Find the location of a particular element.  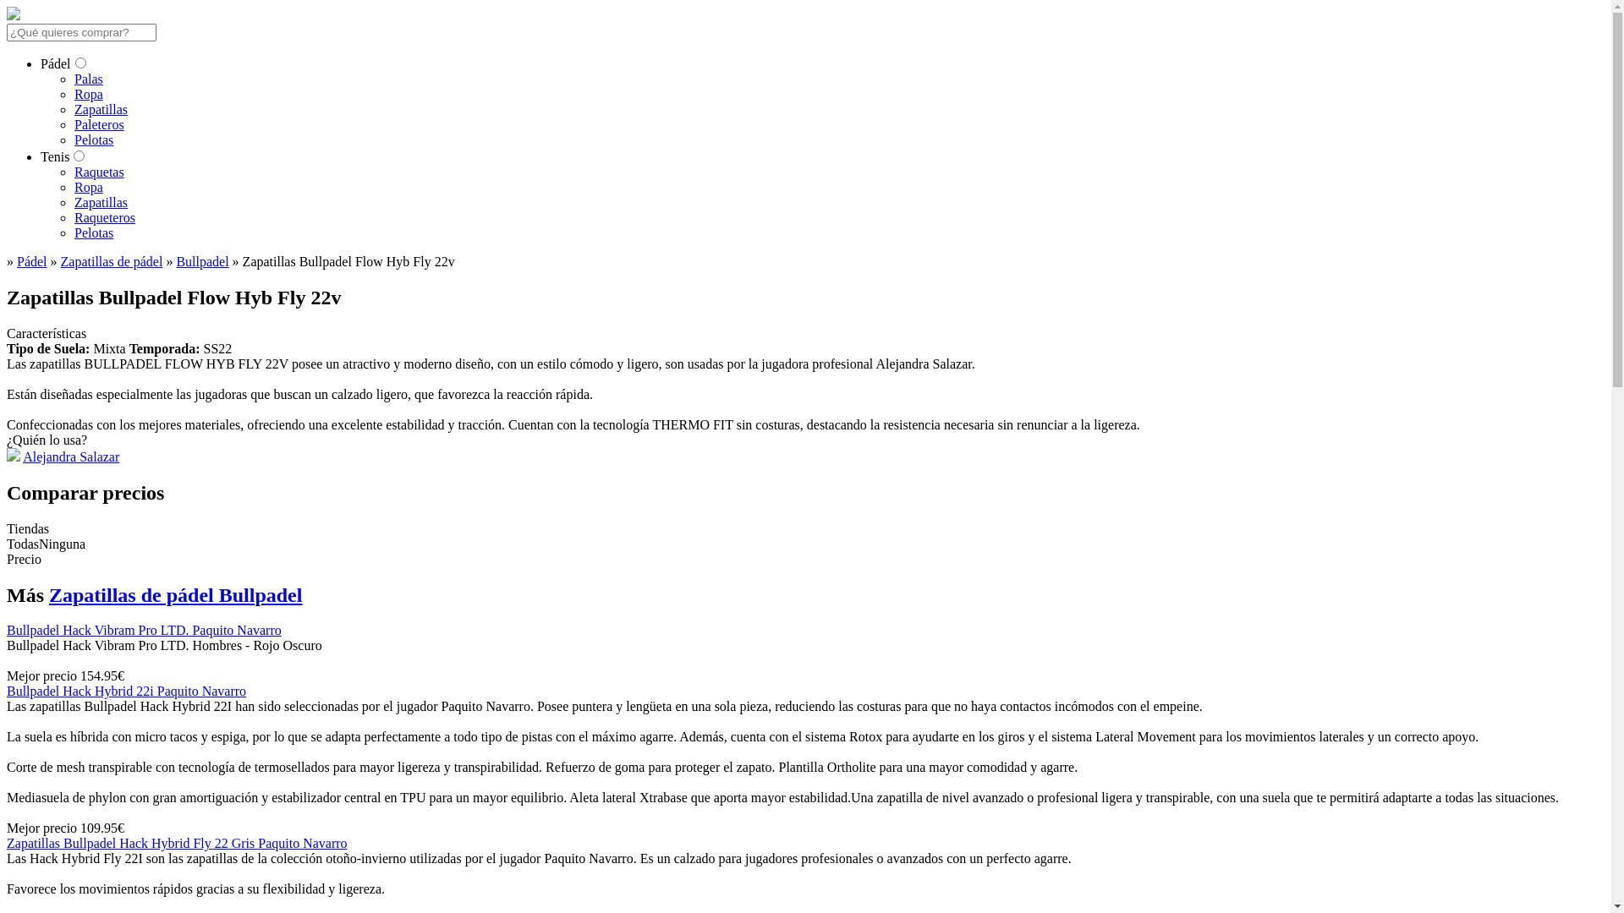

'Bullpadel' is located at coordinates (202, 261).